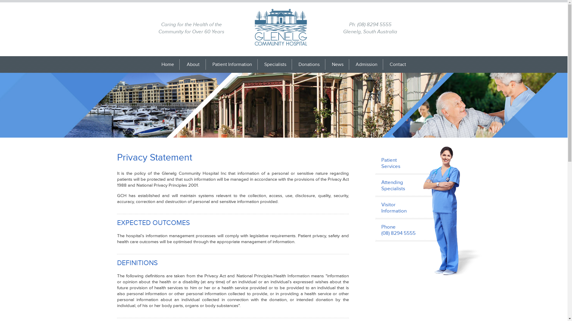 This screenshot has height=321, width=572. What do you see at coordinates (414, 208) in the screenshot?
I see `'Visitor` at bounding box center [414, 208].